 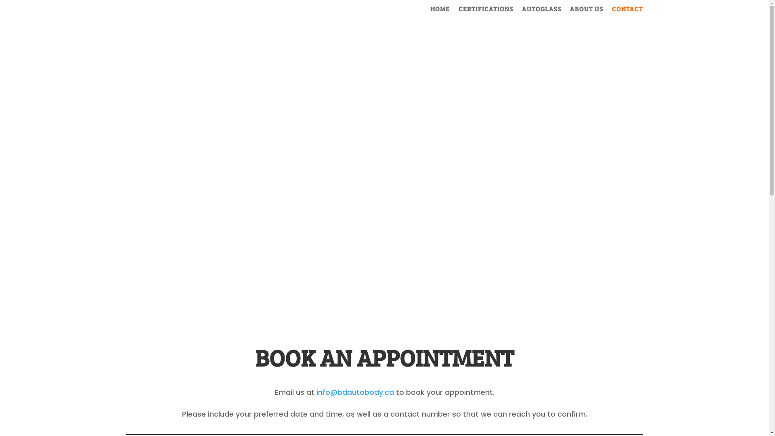 I want to click on 'ABOUT US', so click(x=586, y=12).